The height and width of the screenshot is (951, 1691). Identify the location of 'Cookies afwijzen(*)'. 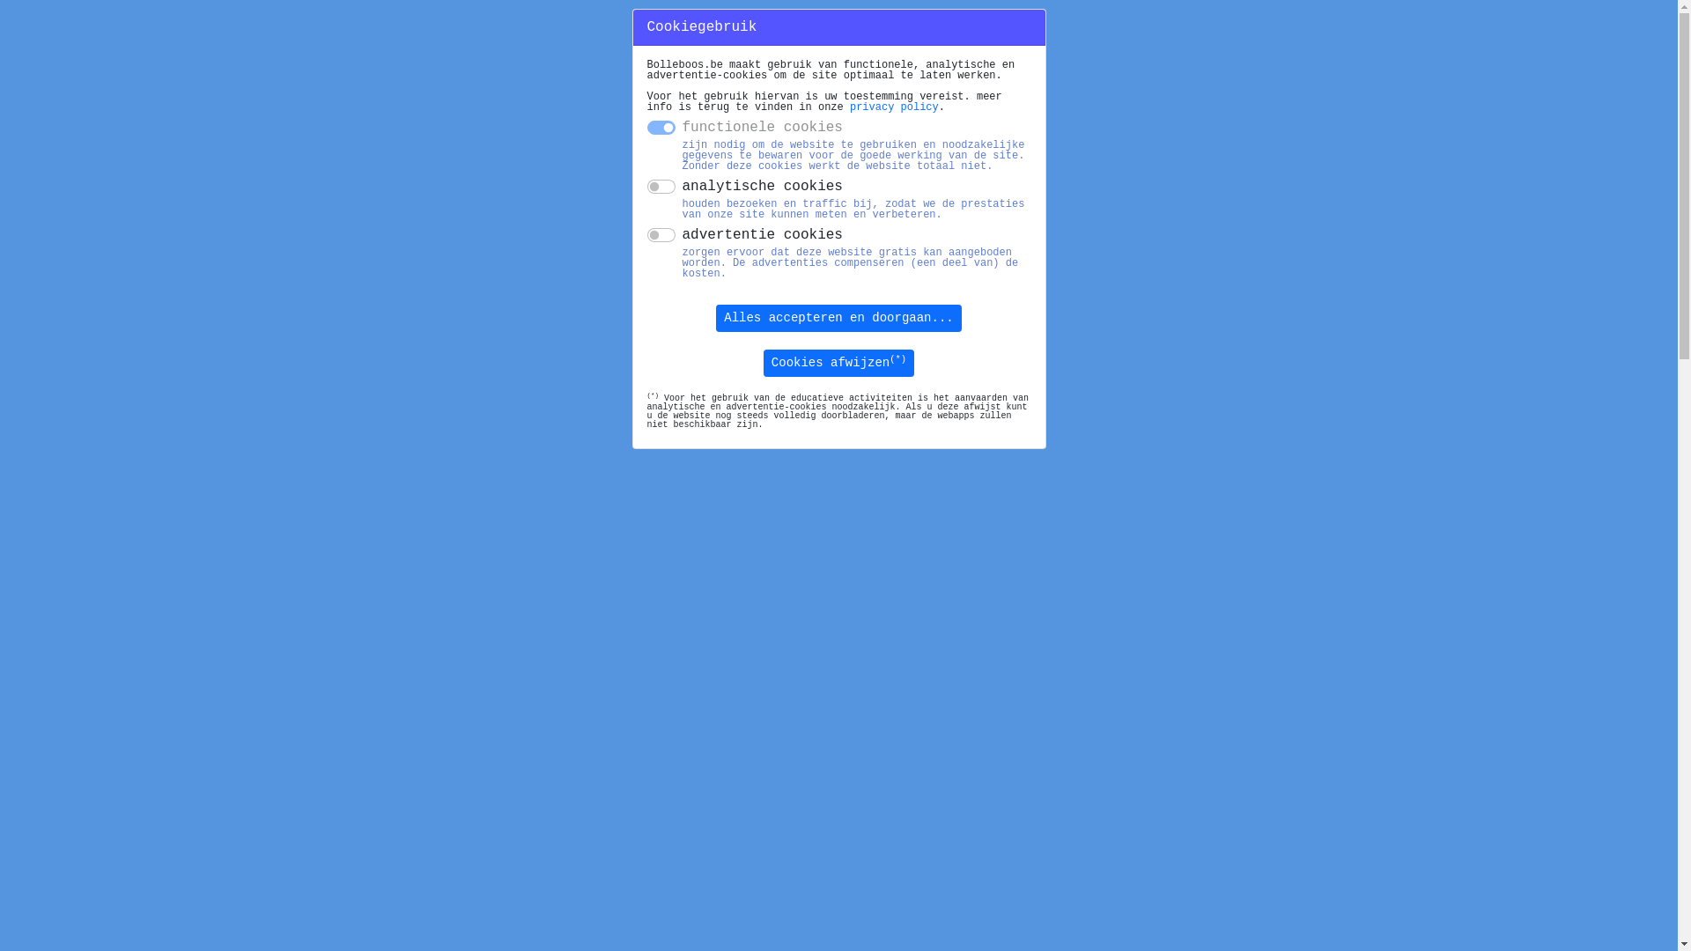
(838, 362).